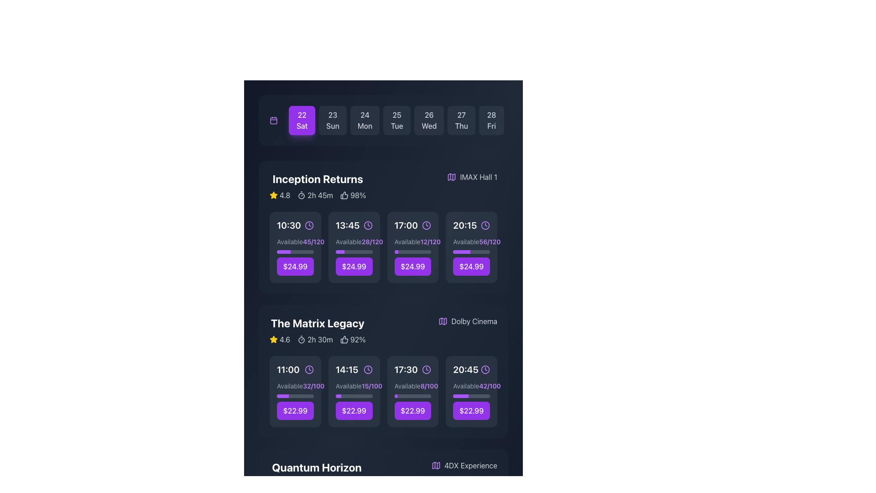  Describe the element at coordinates (461, 395) in the screenshot. I see `the size of the filled part of the progress bar segment under the '20:45' time slot in 'The Matrix Legacy' section` at that location.